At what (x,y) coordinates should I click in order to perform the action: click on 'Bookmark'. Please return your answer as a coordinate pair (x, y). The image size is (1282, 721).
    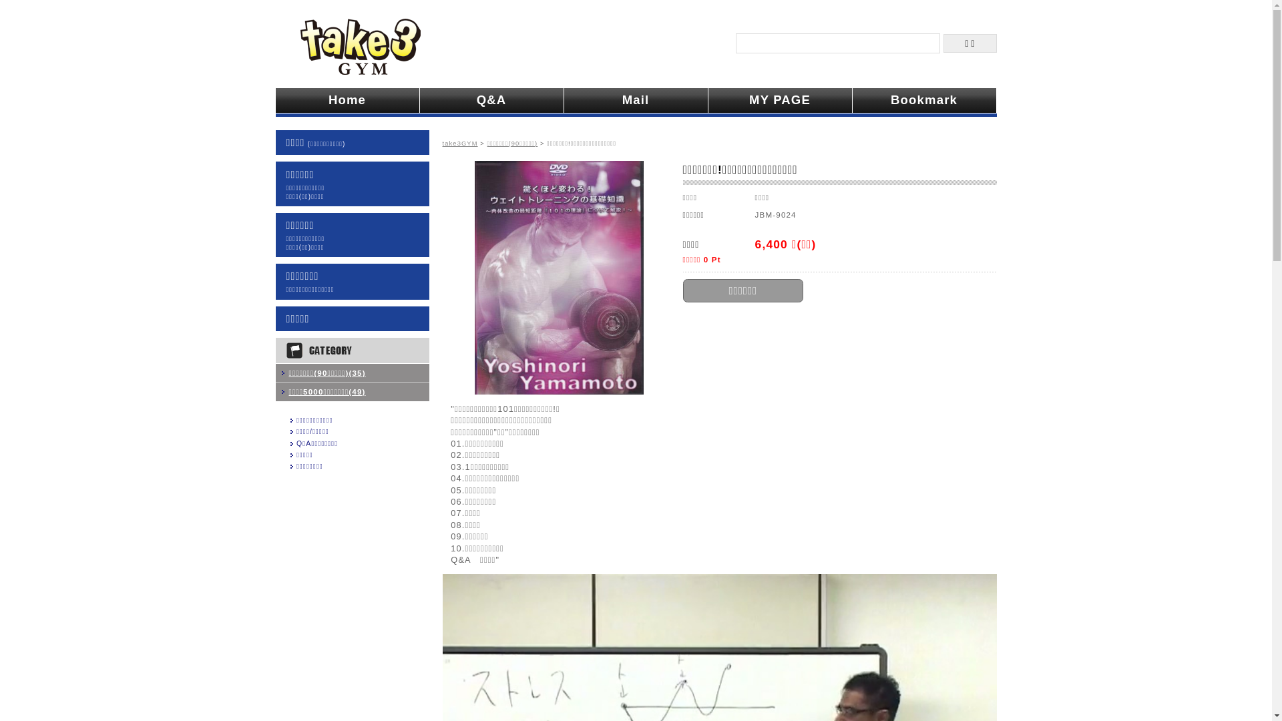
    Looking at the image, I should click on (923, 99).